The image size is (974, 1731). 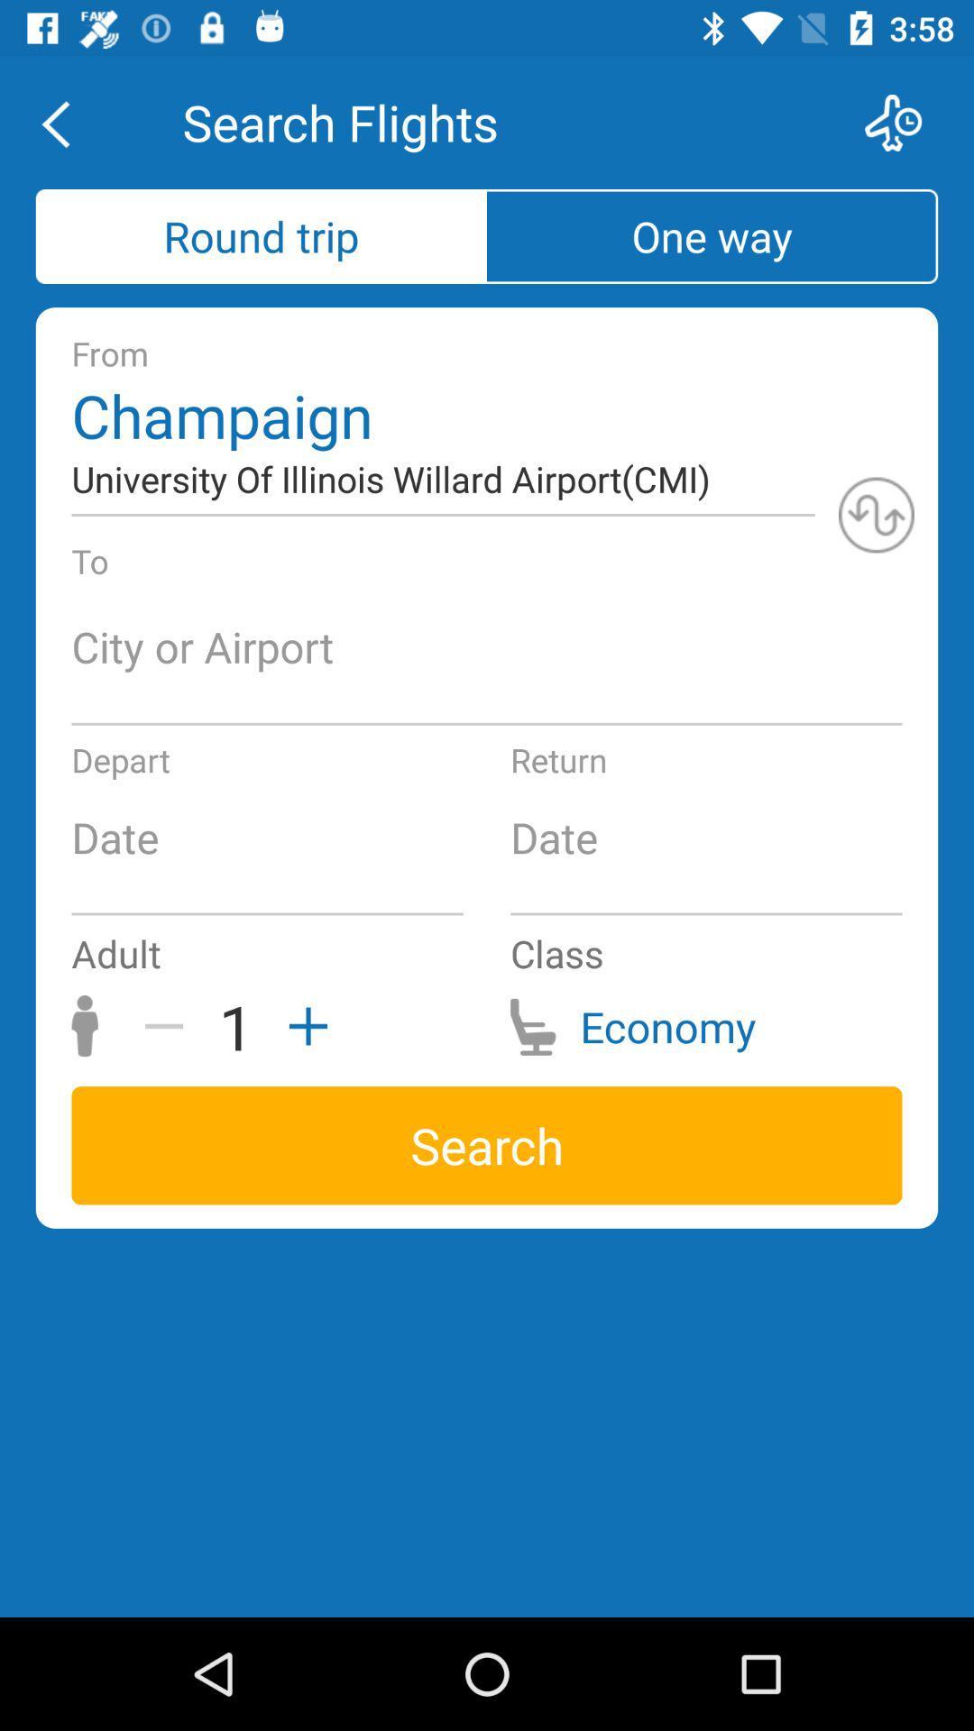 What do you see at coordinates (876, 514) in the screenshot?
I see `switch departure location with destination` at bounding box center [876, 514].